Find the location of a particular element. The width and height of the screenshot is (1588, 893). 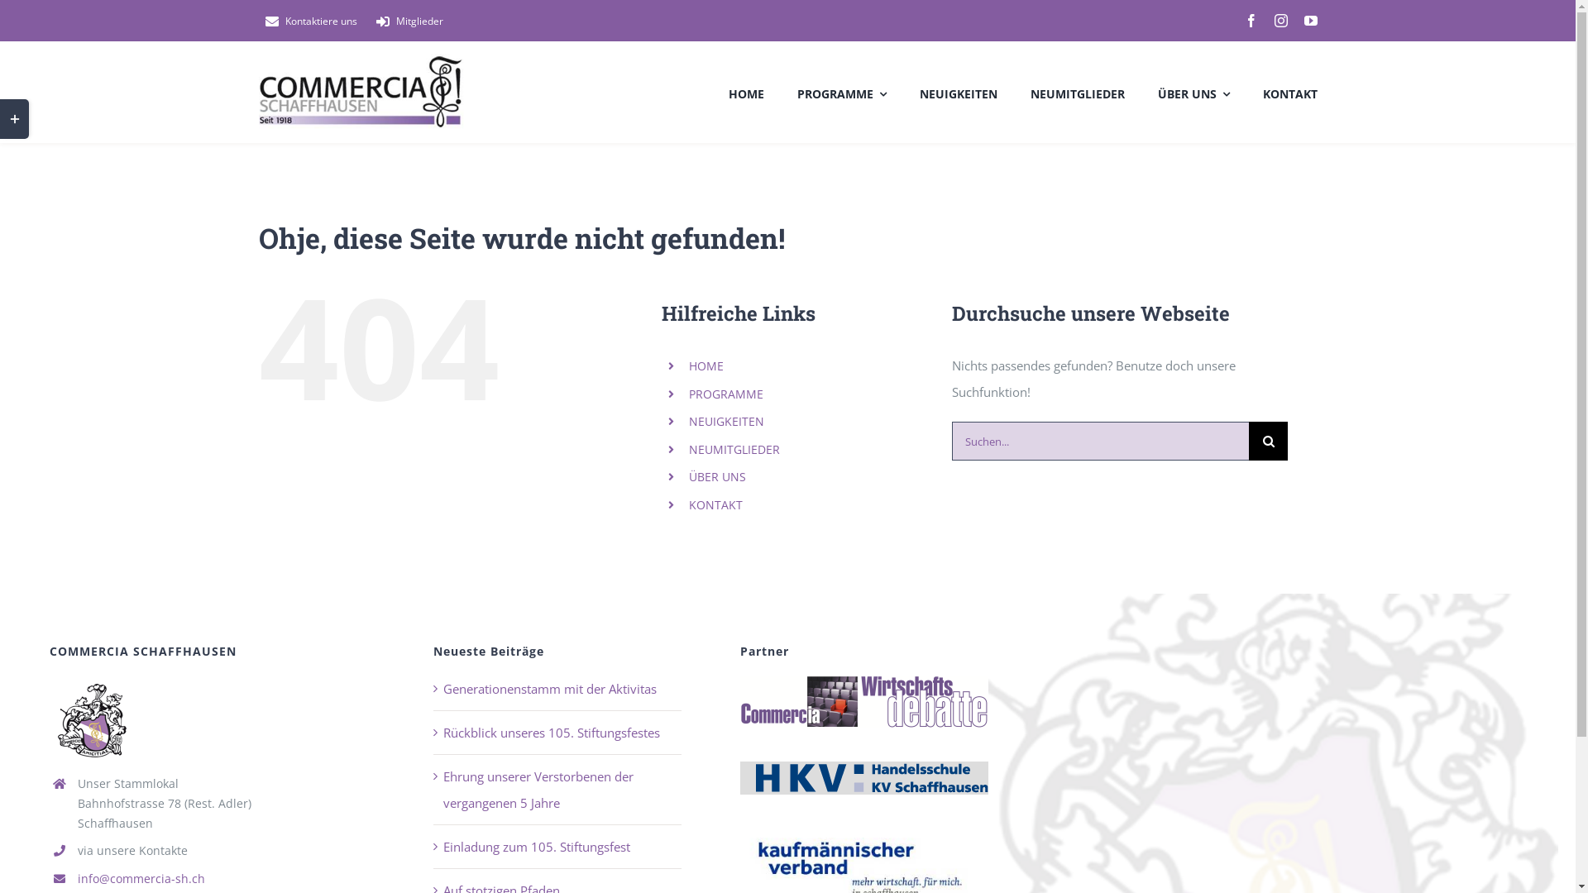

'NEUIGKEITEN' is located at coordinates (958, 92).